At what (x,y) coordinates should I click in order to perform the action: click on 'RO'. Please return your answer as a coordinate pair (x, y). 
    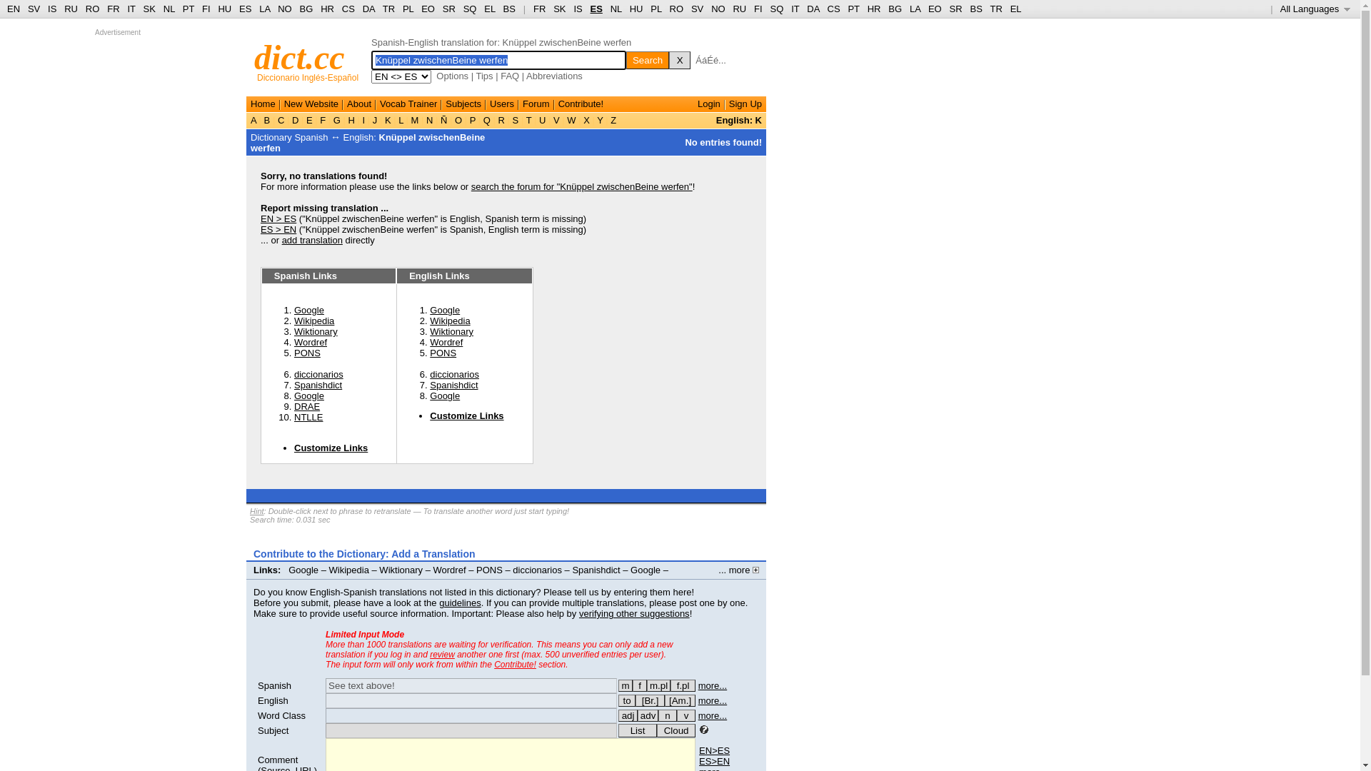
    Looking at the image, I should click on (91, 9).